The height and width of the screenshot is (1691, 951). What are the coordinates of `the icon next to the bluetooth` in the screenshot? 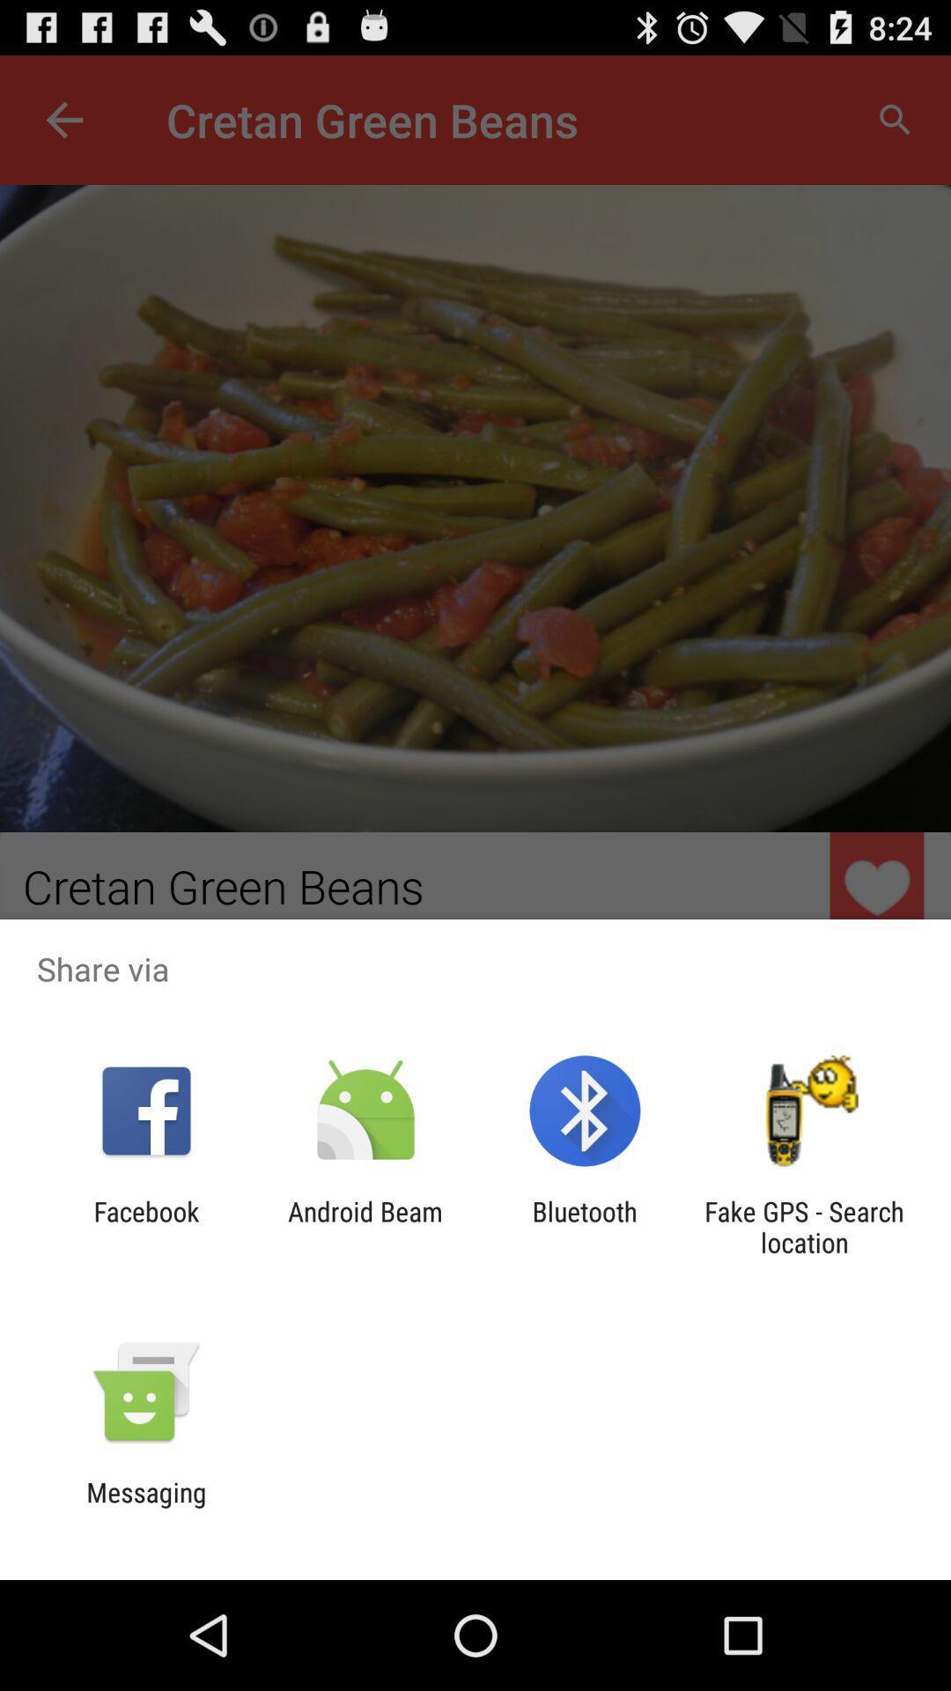 It's located at (804, 1226).